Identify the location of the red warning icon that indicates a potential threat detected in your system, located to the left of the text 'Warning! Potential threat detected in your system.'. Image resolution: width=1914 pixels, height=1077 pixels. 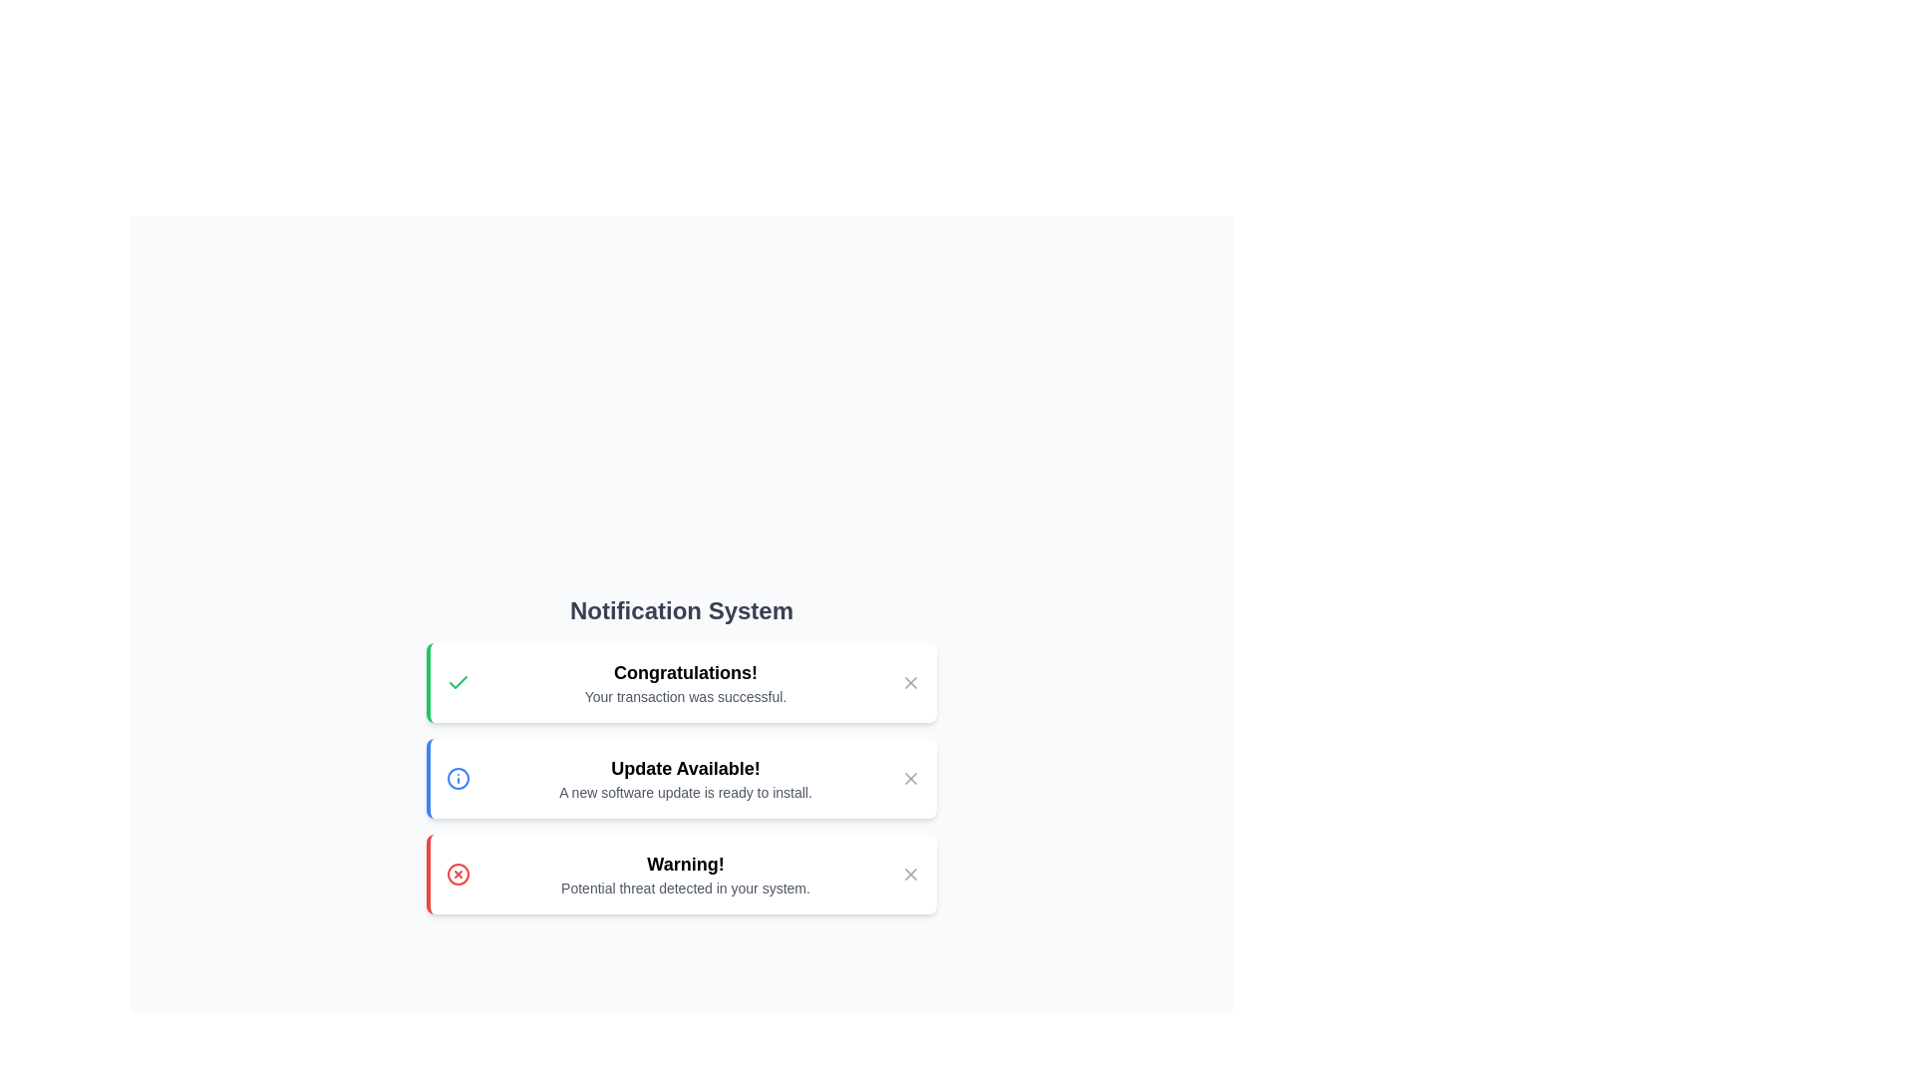
(458, 873).